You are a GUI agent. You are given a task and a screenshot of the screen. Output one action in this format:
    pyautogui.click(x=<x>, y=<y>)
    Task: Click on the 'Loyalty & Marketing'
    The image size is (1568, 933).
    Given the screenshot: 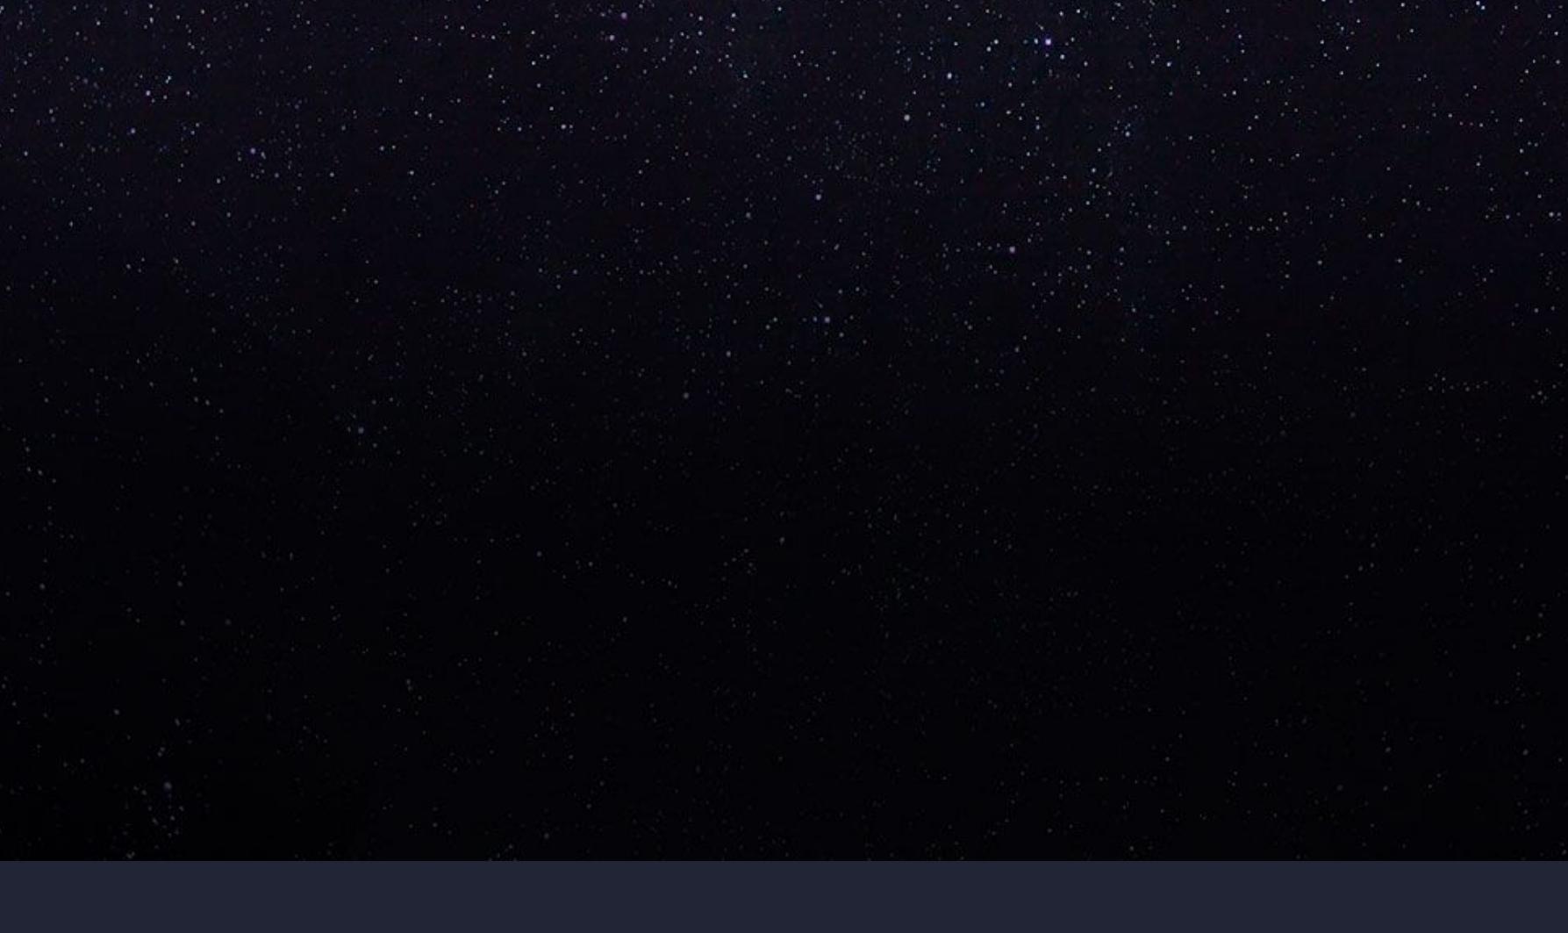 What is the action you would take?
    pyautogui.click(x=1106, y=458)
    